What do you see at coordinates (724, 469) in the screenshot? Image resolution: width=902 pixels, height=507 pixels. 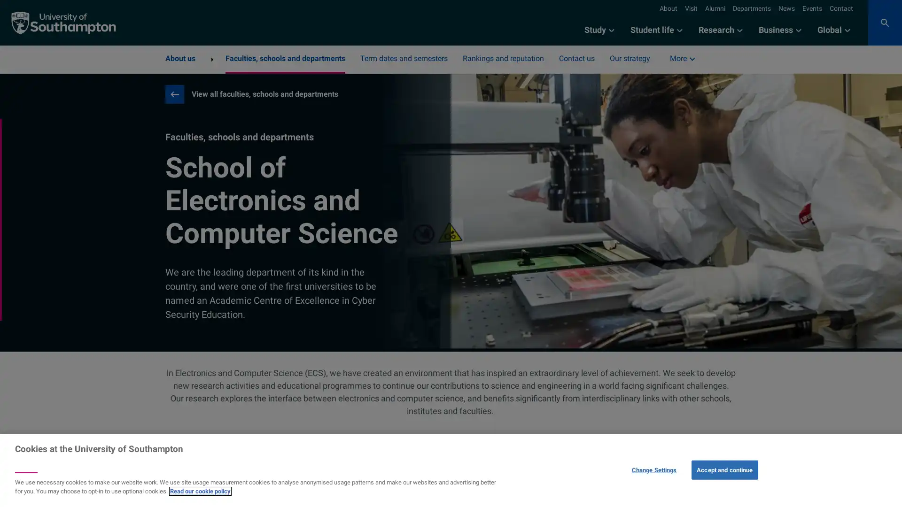 I see `Accept and continue` at bounding box center [724, 469].